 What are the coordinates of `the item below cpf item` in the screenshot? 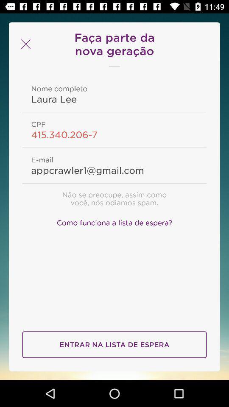 It's located at (114, 134).